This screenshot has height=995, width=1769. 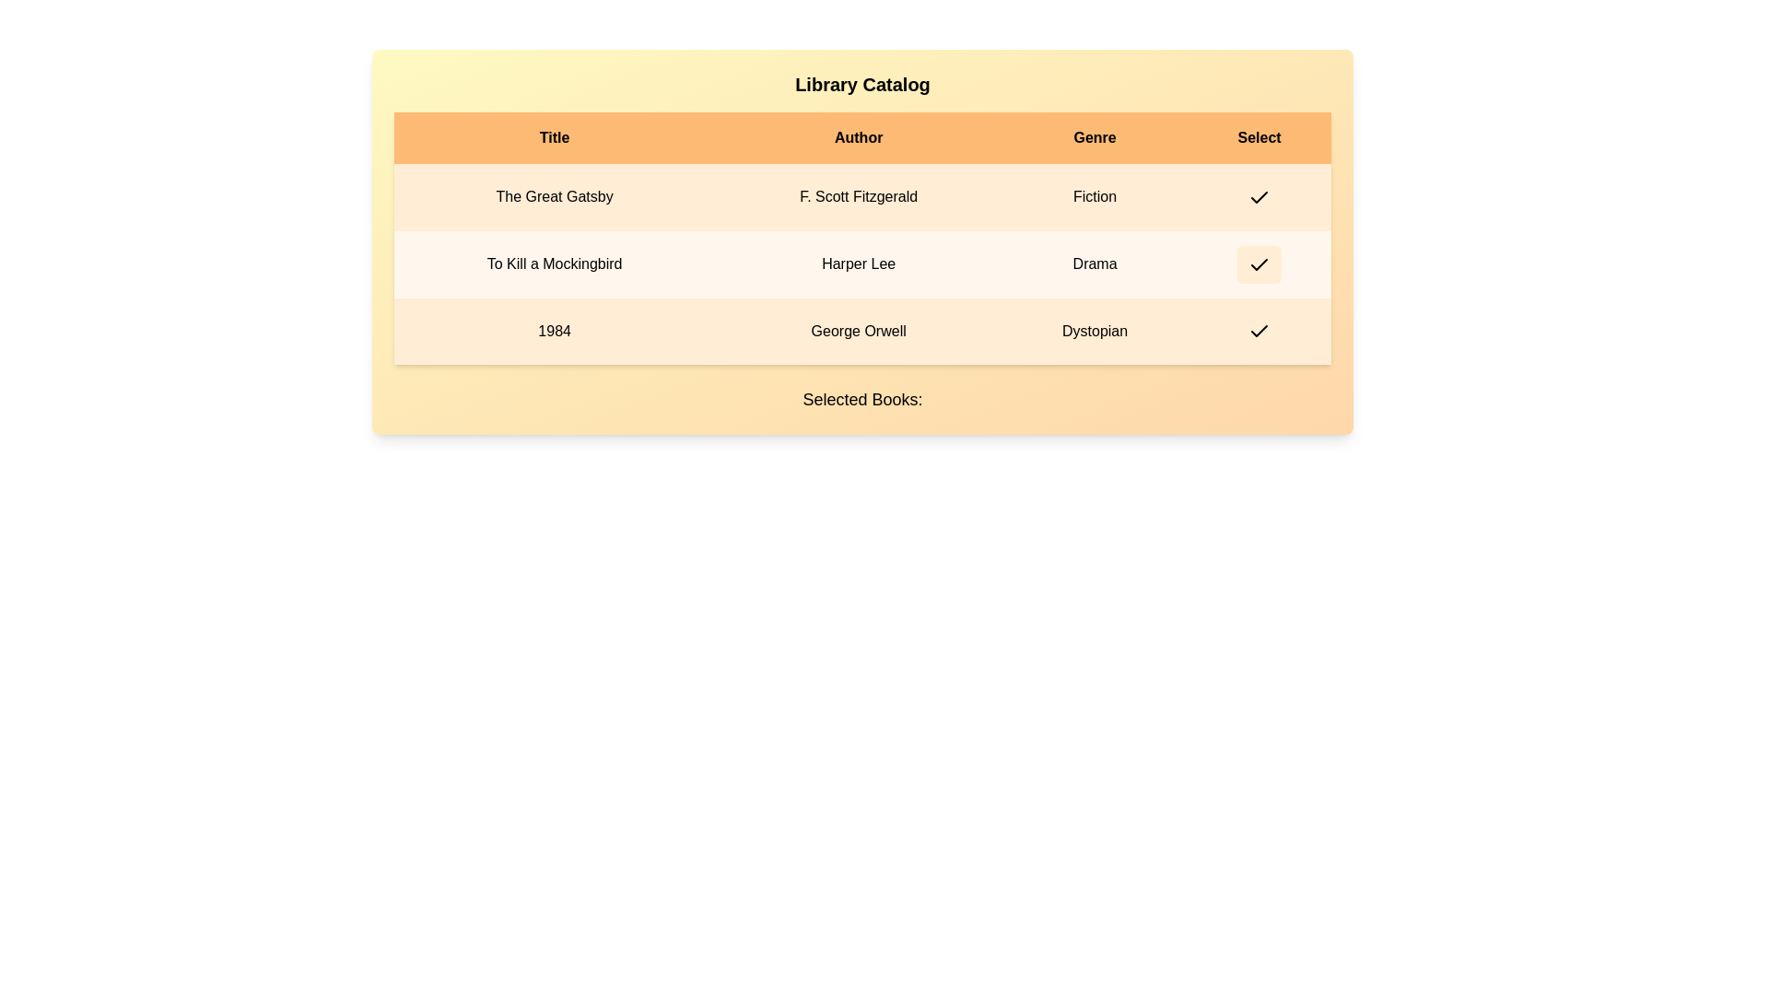 What do you see at coordinates (1259, 332) in the screenshot?
I see `the checkmark icon in the 'Select' column corresponding to the row for '1984' by George Orwell` at bounding box center [1259, 332].